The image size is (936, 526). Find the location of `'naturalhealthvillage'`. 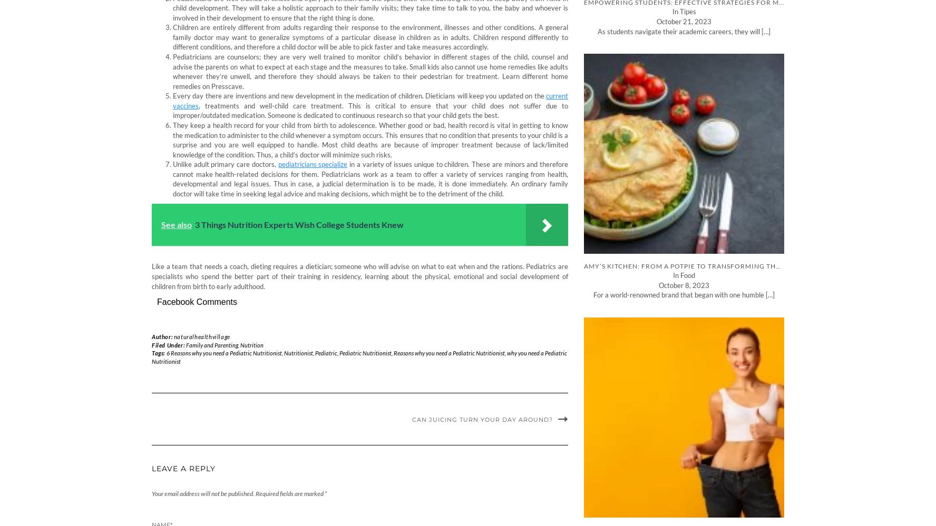

'naturalhealthvillage' is located at coordinates (201, 335).